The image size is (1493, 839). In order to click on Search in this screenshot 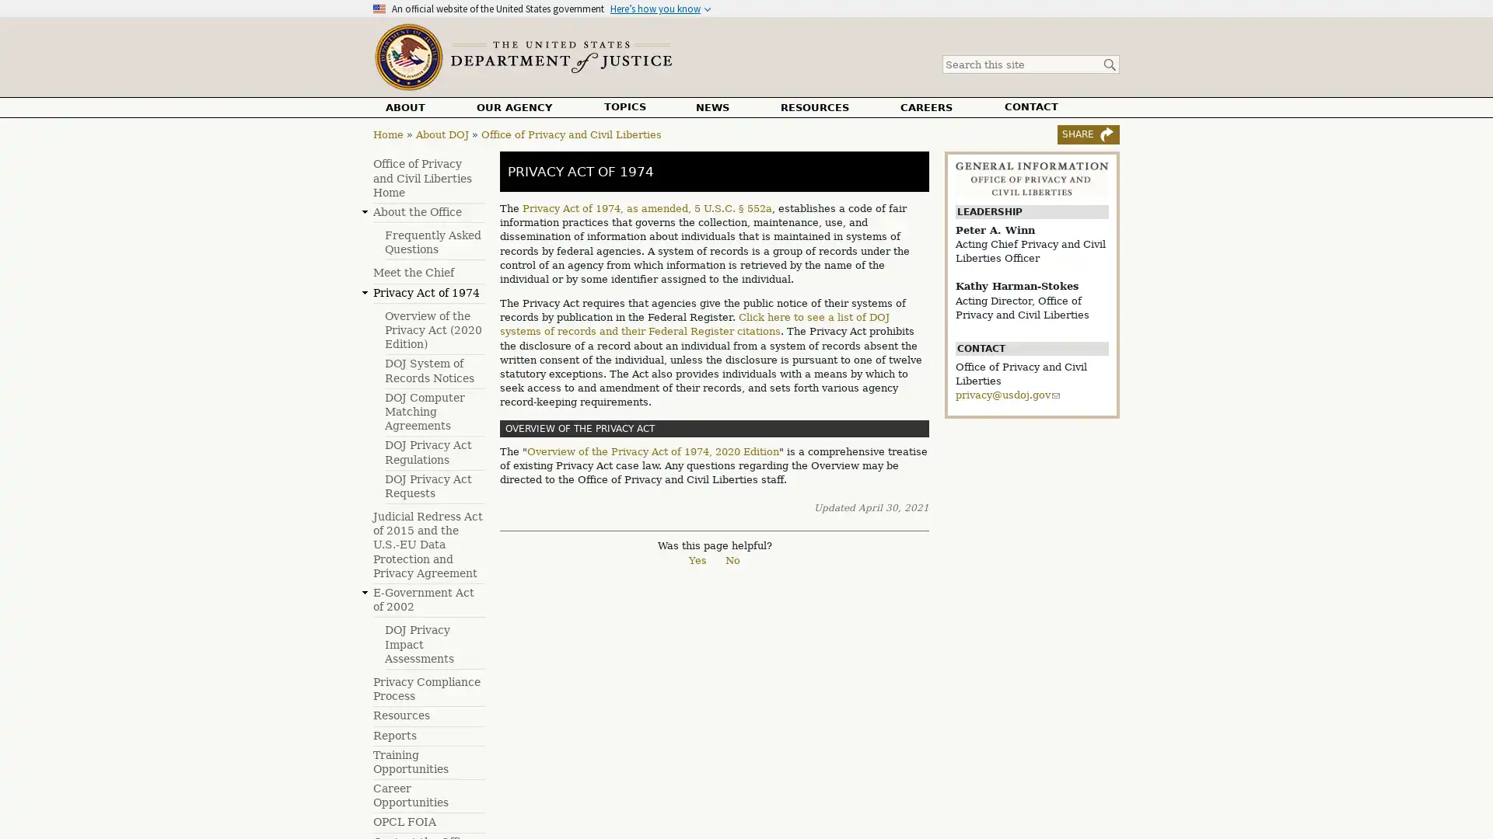, I will do `click(1108, 64)`.